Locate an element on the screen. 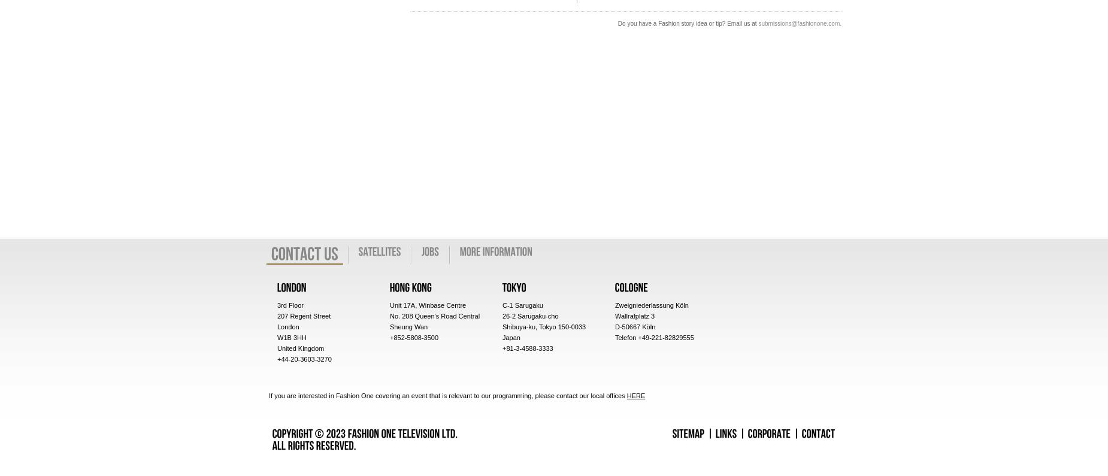 This screenshot has height=476, width=1108. 'submissions@fashionone.com.' is located at coordinates (799, 23).